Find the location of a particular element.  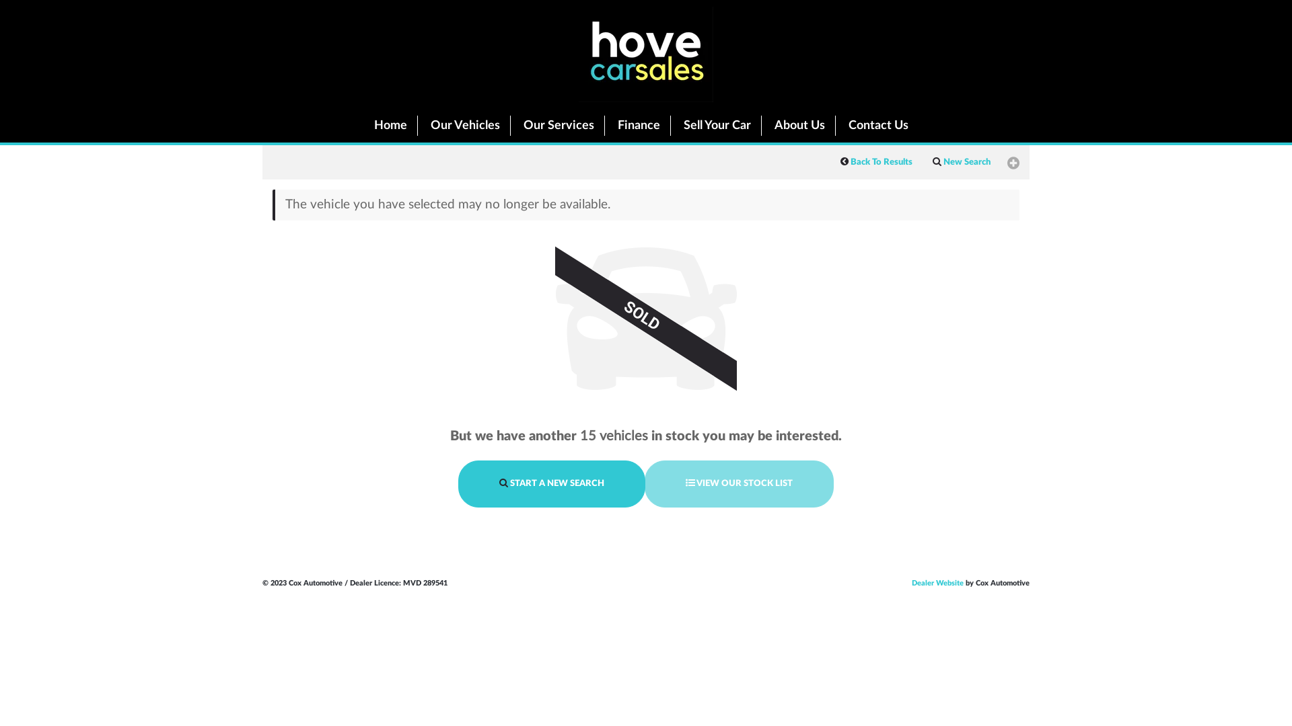

'Home' is located at coordinates (388, 125).